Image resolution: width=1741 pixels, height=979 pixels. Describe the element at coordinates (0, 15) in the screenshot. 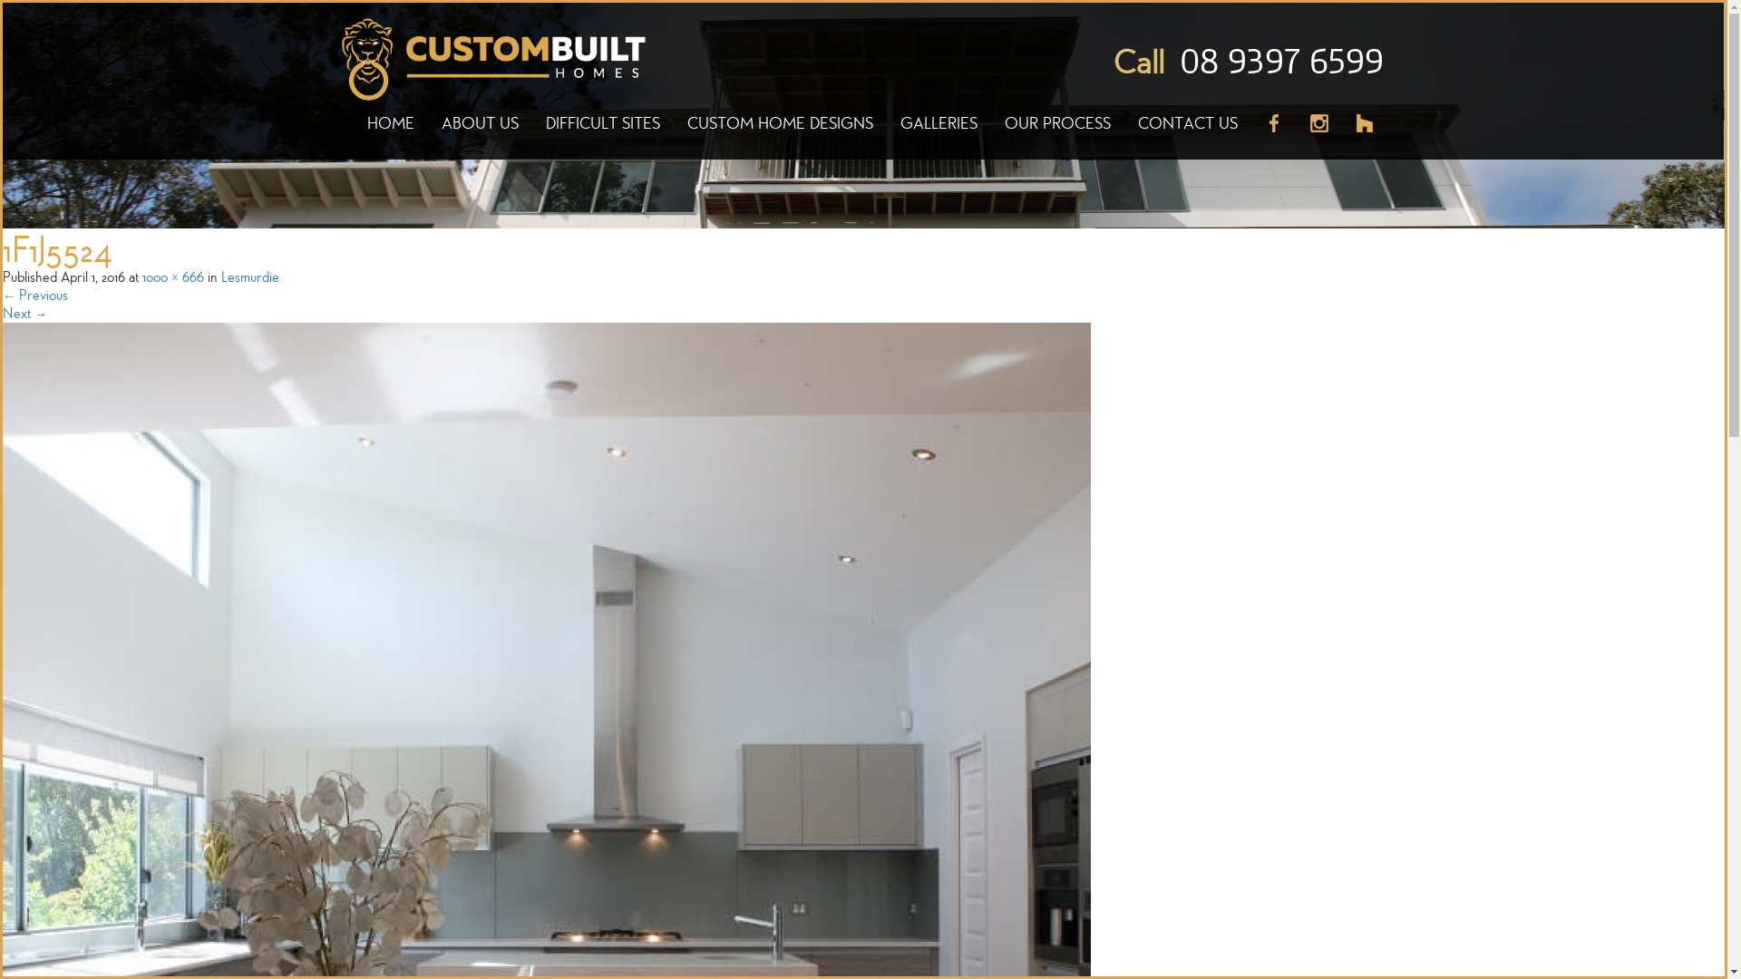

I see `'Search'` at that location.